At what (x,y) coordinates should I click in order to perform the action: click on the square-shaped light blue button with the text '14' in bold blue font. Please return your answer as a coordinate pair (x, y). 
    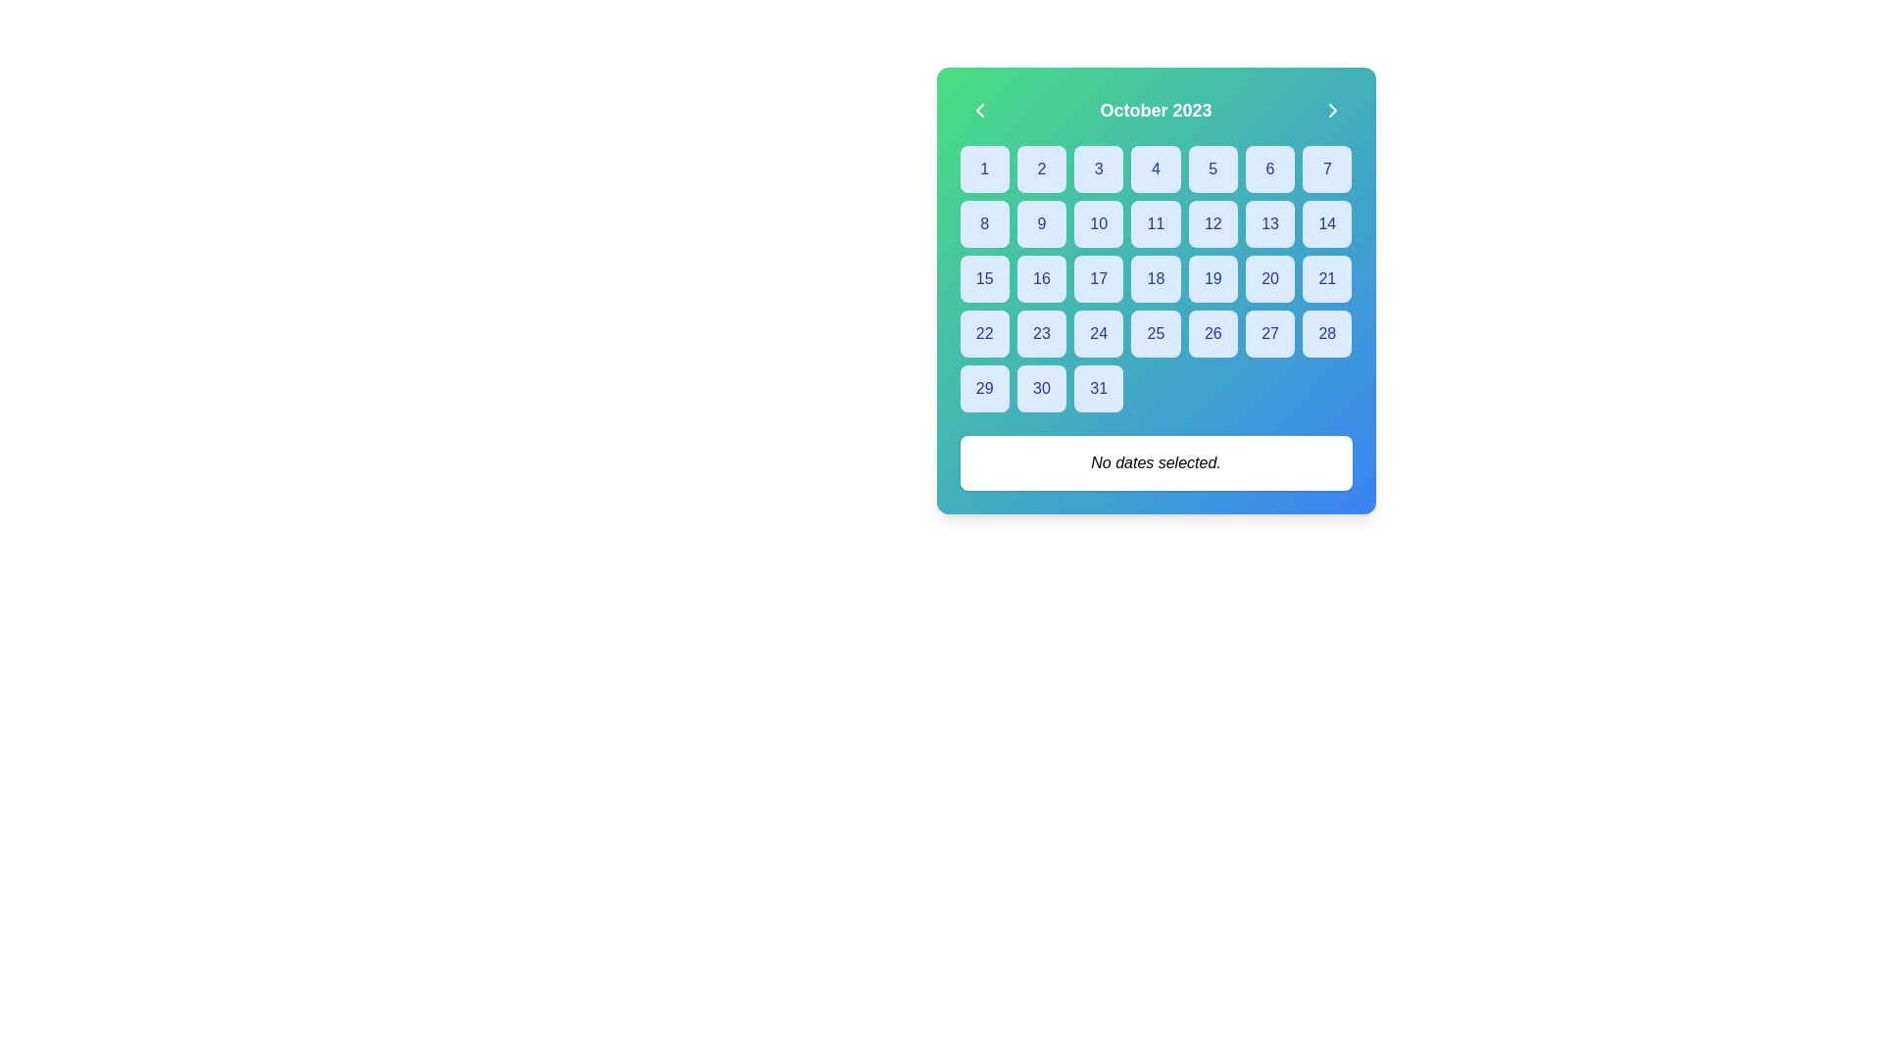
    Looking at the image, I should click on (1326, 222).